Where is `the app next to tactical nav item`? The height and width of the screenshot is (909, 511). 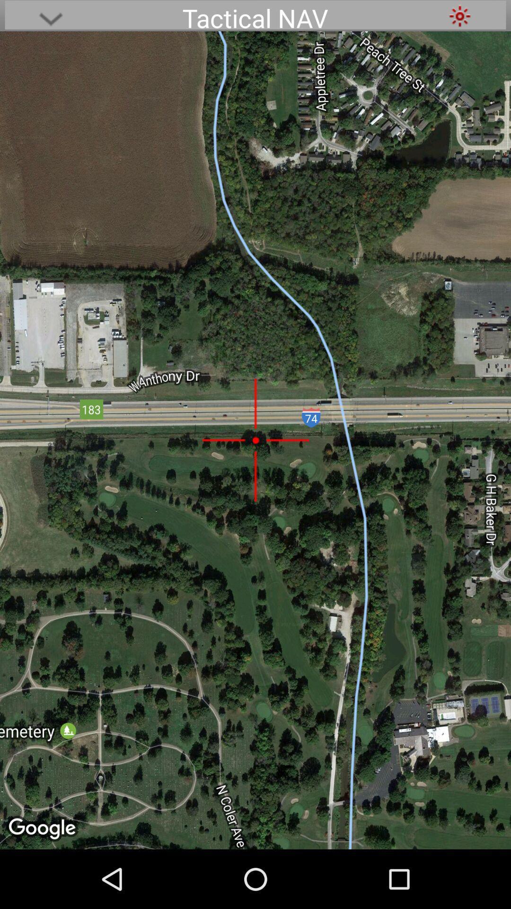
the app next to tactical nav item is located at coordinates (51, 16).